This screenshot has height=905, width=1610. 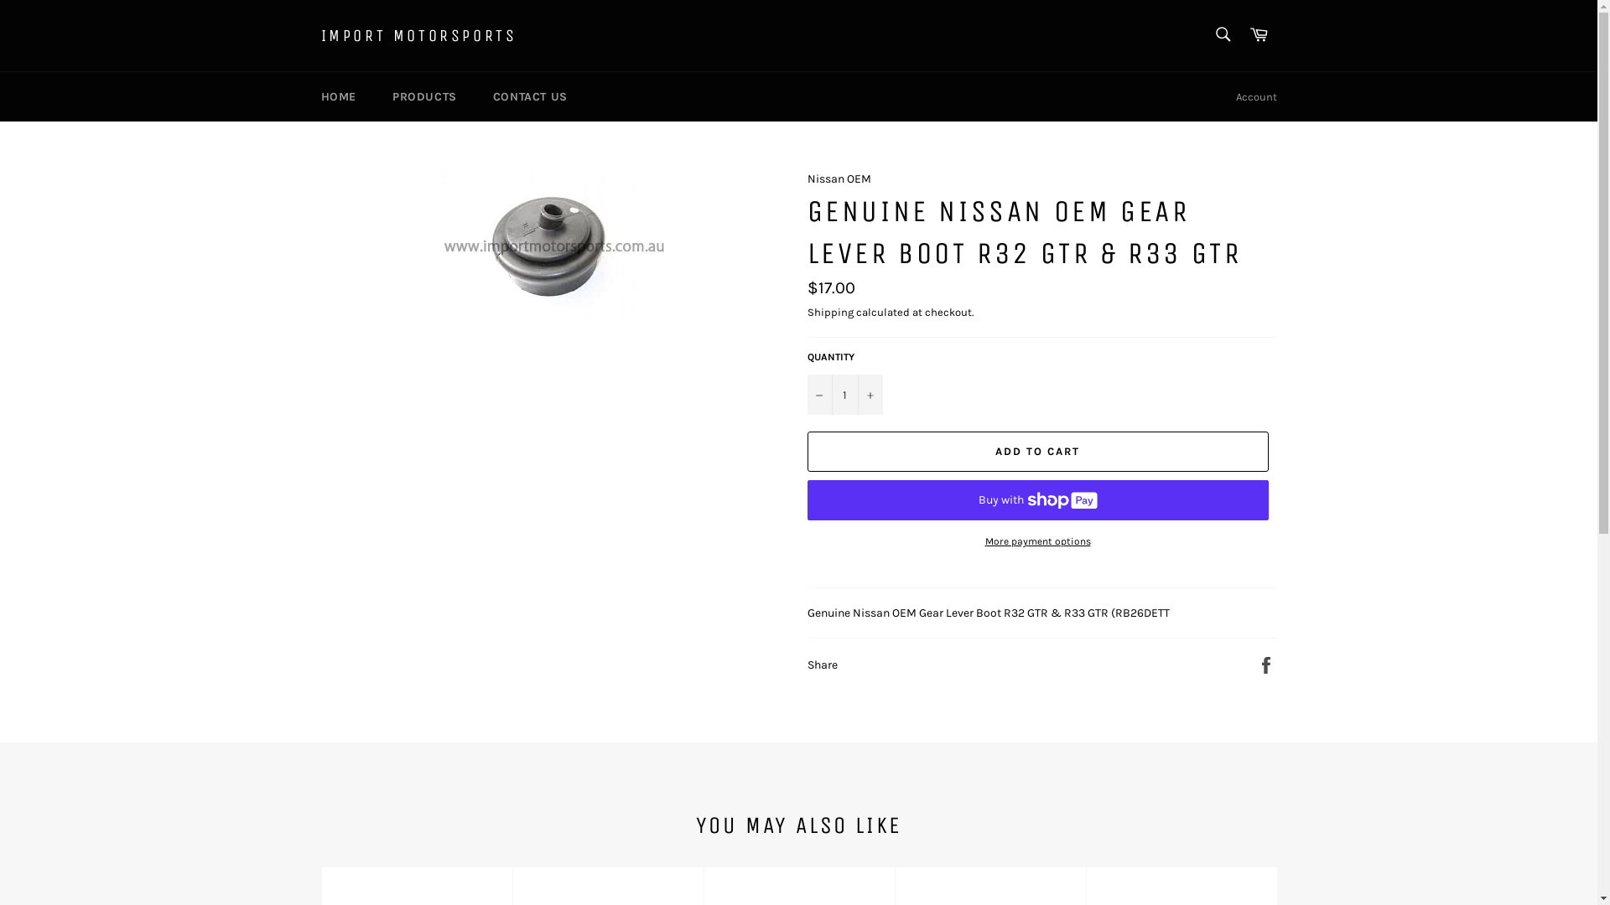 What do you see at coordinates (337, 96) in the screenshot?
I see `'HOME'` at bounding box center [337, 96].